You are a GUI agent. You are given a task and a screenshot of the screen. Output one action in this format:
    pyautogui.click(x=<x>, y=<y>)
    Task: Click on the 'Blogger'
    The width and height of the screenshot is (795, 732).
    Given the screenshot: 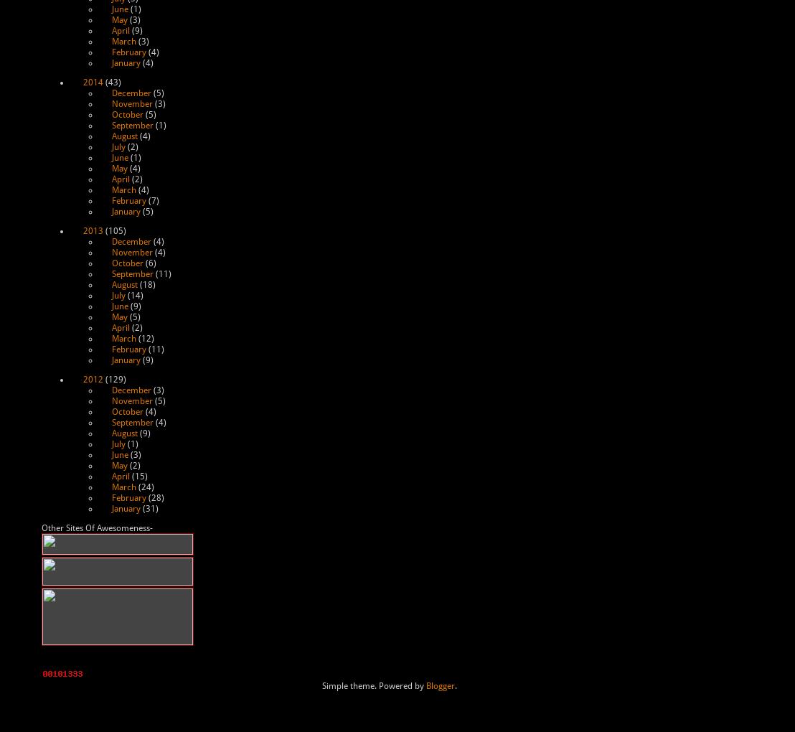 What is the action you would take?
    pyautogui.click(x=440, y=685)
    